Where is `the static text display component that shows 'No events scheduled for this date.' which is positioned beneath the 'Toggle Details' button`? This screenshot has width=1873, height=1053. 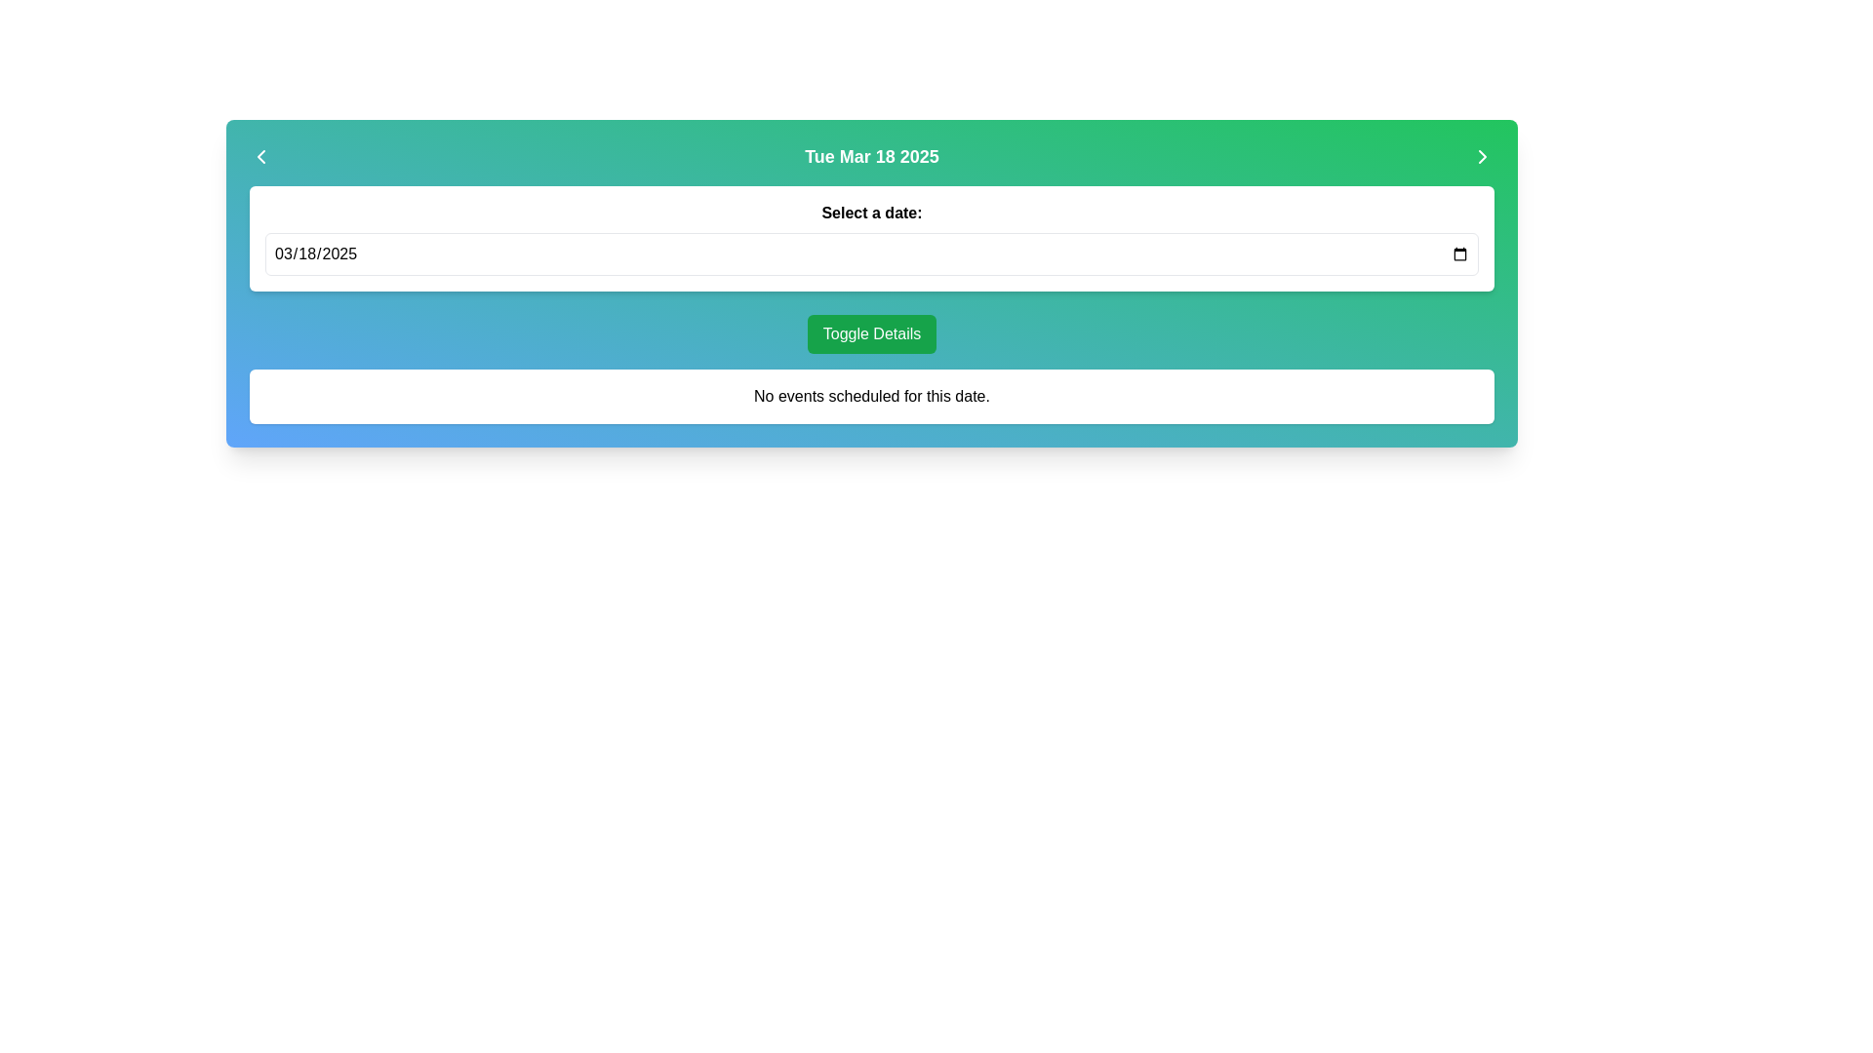
the static text display component that shows 'No events scheduled for this date.' which is positioned beneath the 'Toggle Details' button is located at coordinates (870, 396).